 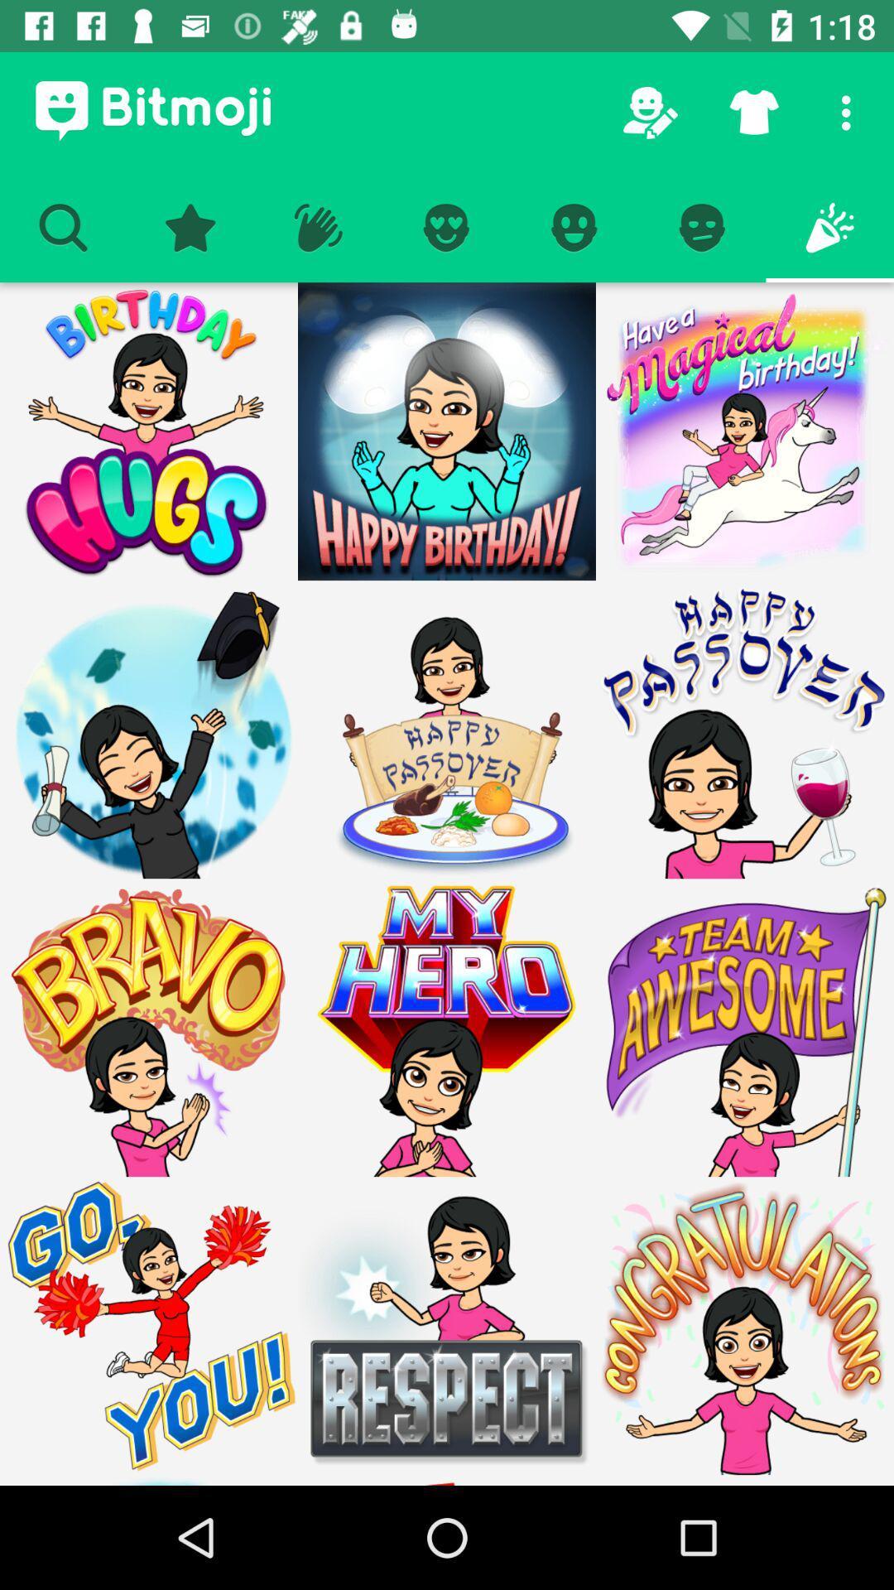 I want to click on this image was graduate happiness, so click(x=149, y=729).